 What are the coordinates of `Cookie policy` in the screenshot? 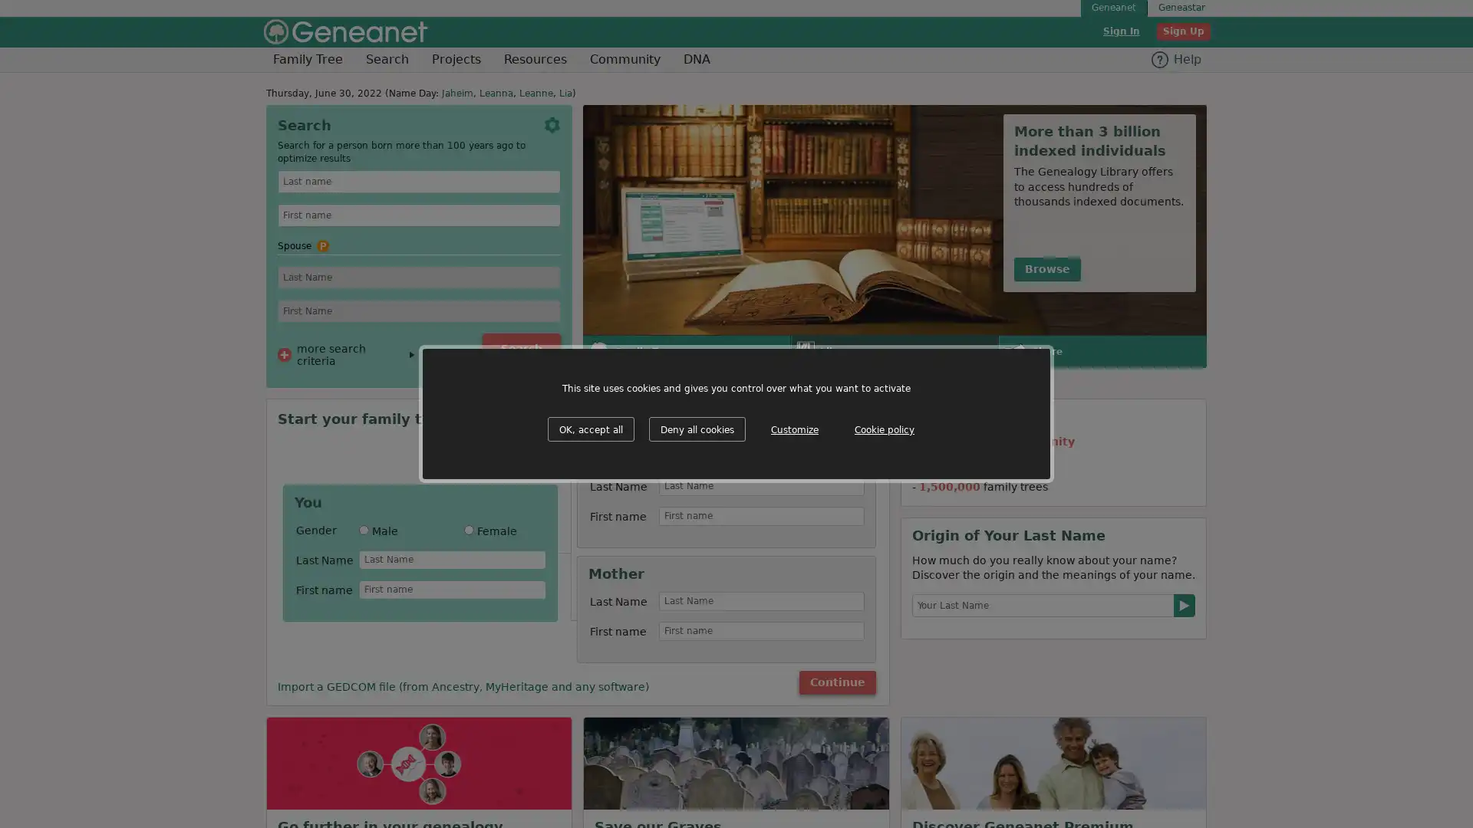 It's located at (884, 429).